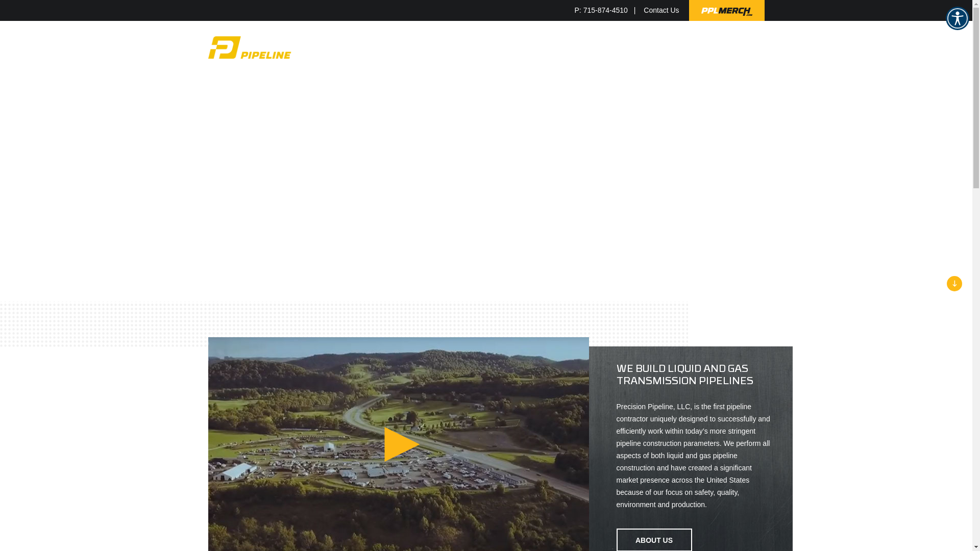 The image size is (980, 551). I want to click on 'Show Search', so click(759, 47).